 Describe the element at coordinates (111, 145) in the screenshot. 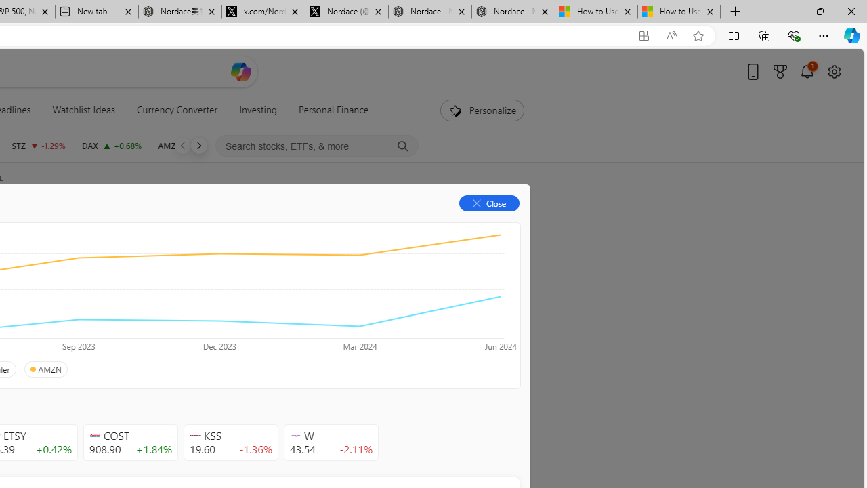

I see `'DAX DAX increase 18,808.50 +126.69 +0.68%'` at that location.